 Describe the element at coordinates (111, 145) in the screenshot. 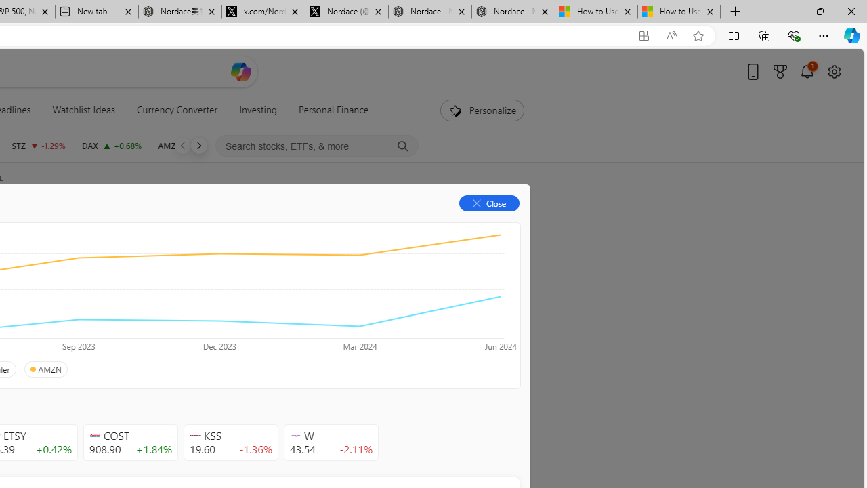

I see `'DAX DAX increase 18,808.50 +126.69 +0.68%'` at that location.